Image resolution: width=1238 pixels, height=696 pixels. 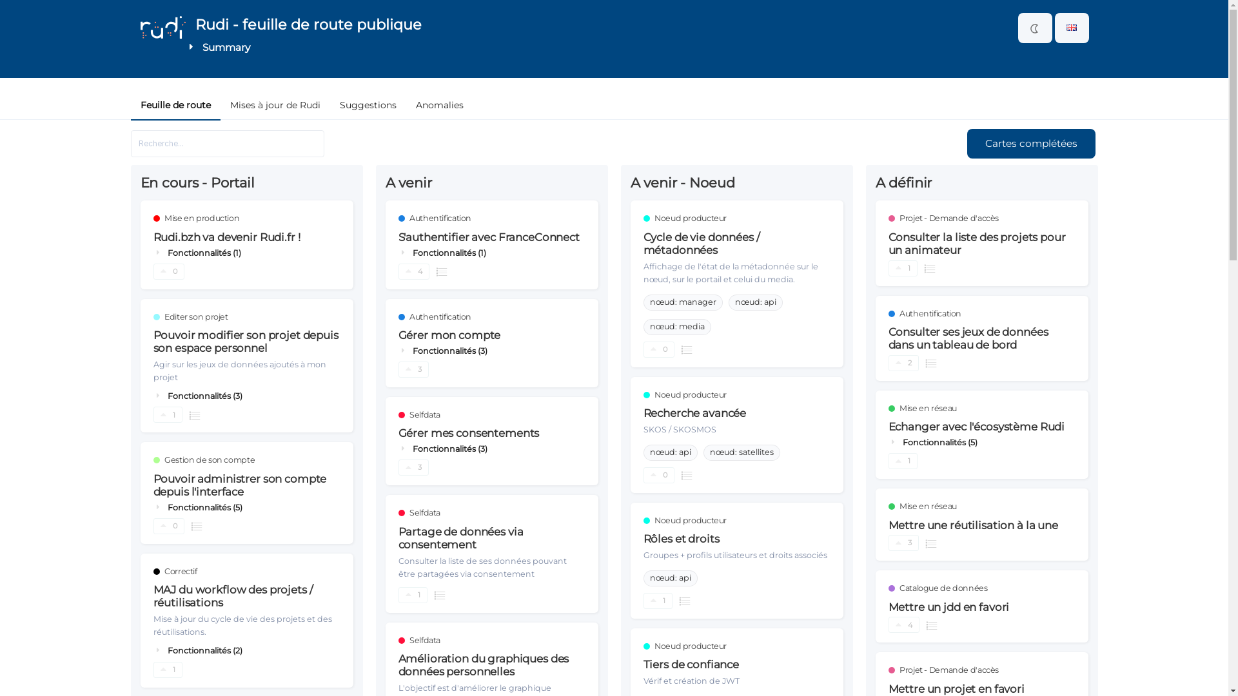 I want to click on '2', so click(x=887, y=363).